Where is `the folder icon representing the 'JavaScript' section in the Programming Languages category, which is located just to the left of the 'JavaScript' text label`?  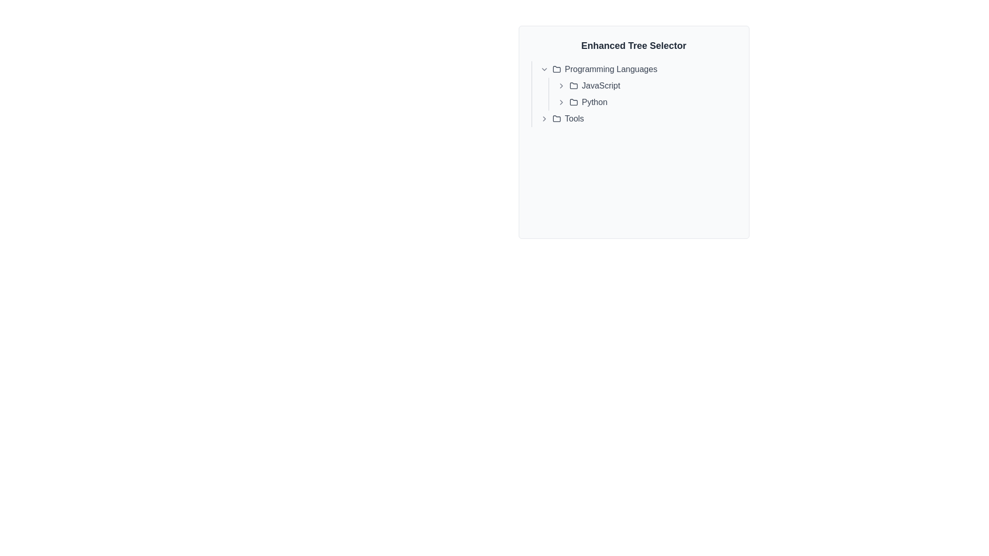
the folder icon representing the 'JavaScript' section in the Programming Languages category, which is located just to the left of the 'JavaScript' text label is located at coordinates (573, 85).